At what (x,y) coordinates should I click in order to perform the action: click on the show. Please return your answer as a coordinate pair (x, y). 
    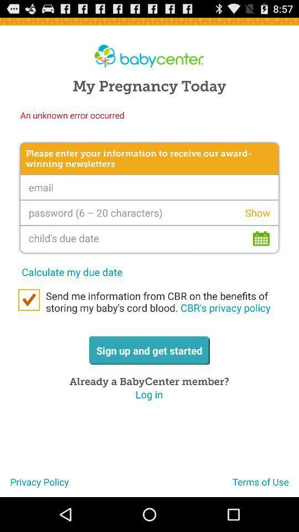
    Looking at the image, I should click on (257, 212).